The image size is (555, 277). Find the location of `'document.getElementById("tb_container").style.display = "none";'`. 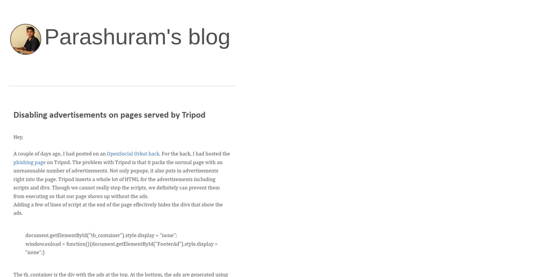

'document.getElementById("tb_container").style.display = "none";' is located at coordinates (101, 235).